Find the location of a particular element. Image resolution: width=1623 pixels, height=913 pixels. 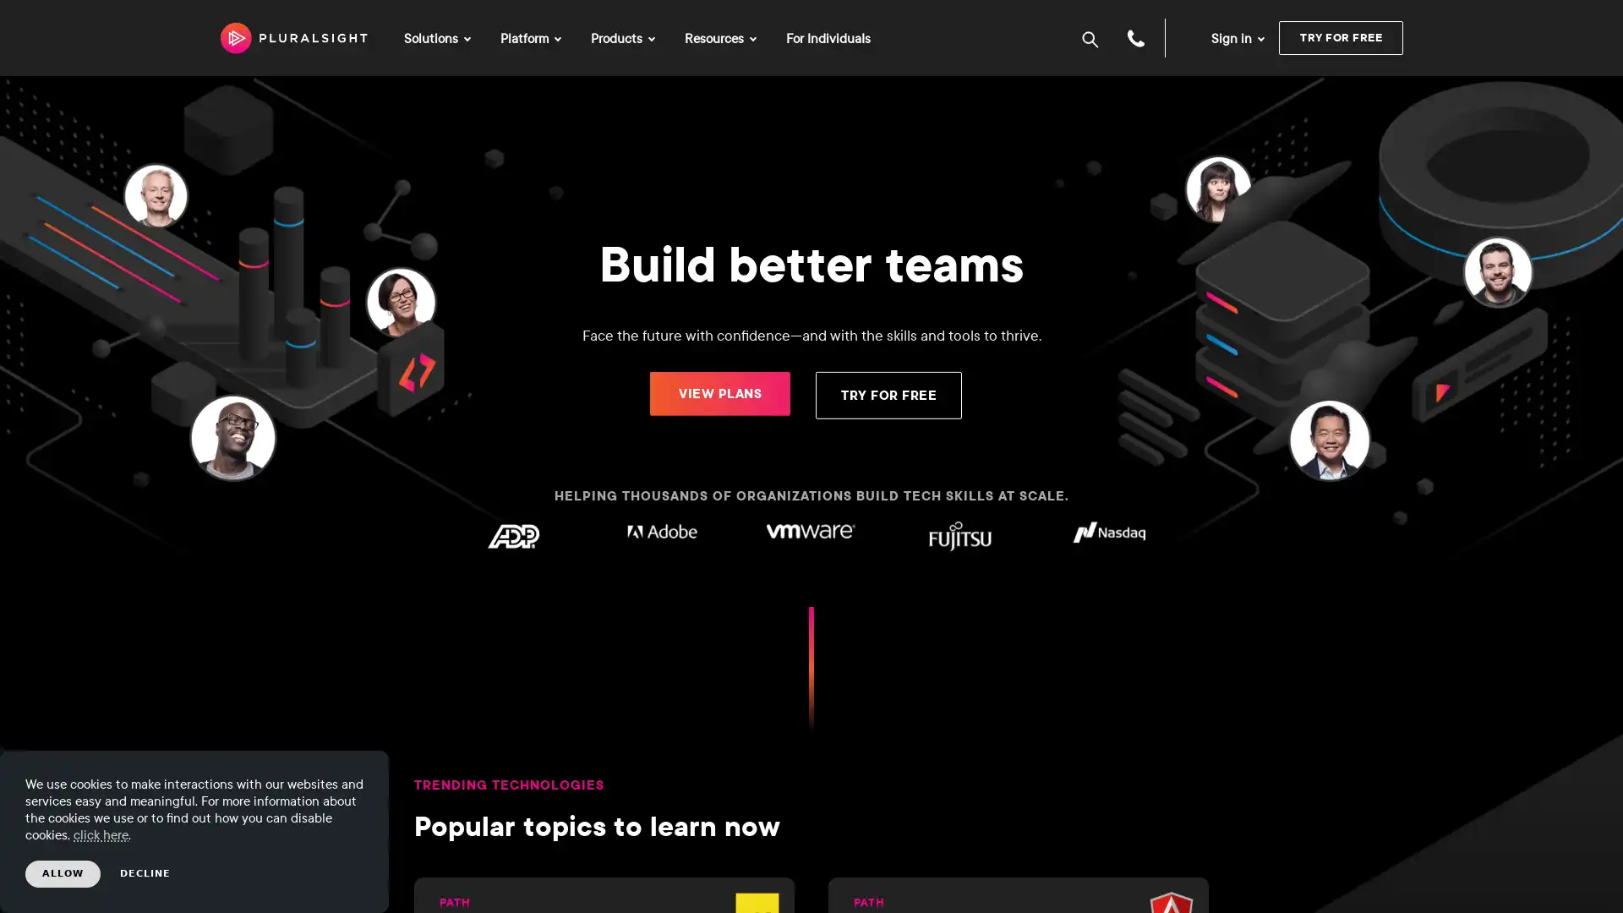

ALLOW is located at coordinates (63, 873).